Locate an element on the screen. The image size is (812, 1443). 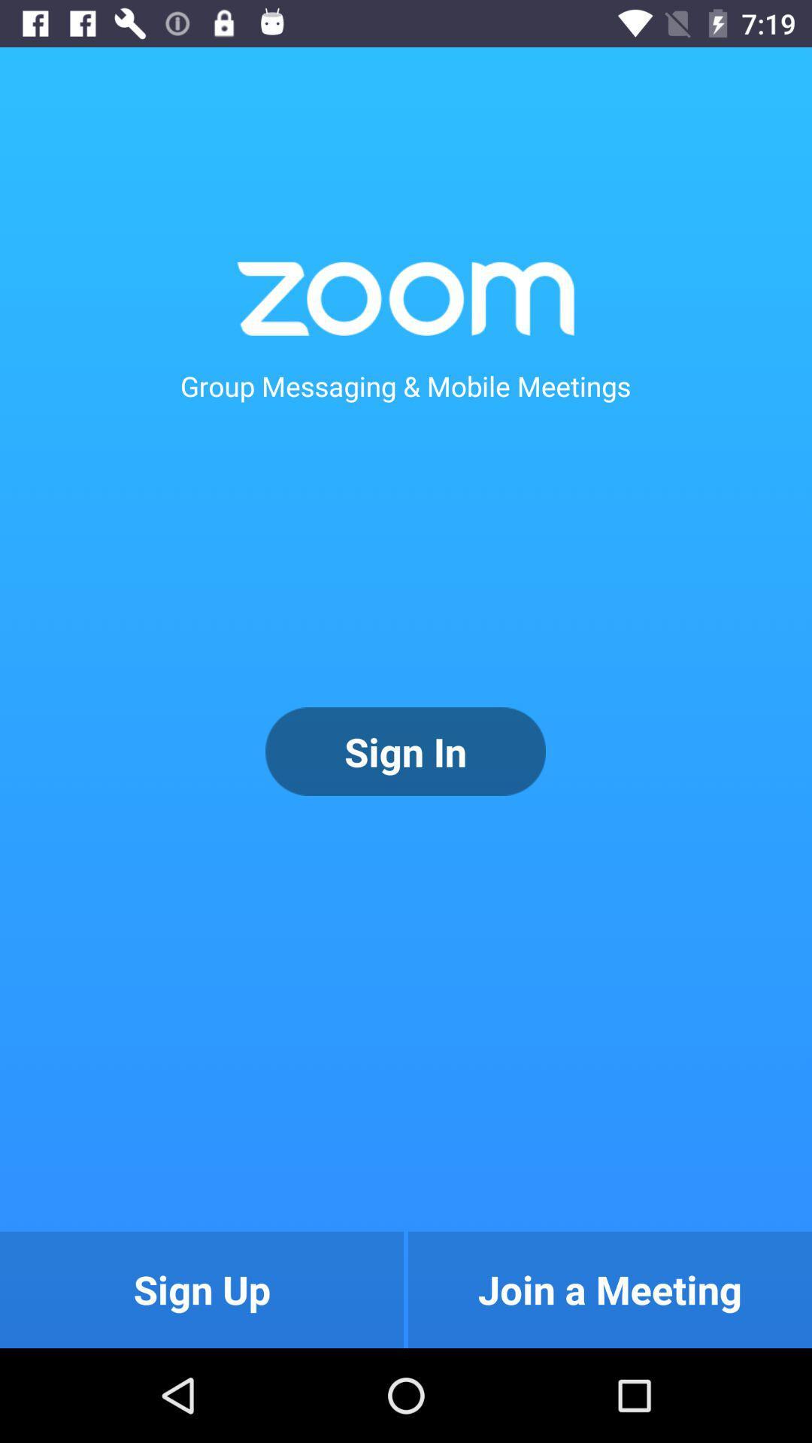
icon at the bottom right corner is located at coordinates (610, 1289).